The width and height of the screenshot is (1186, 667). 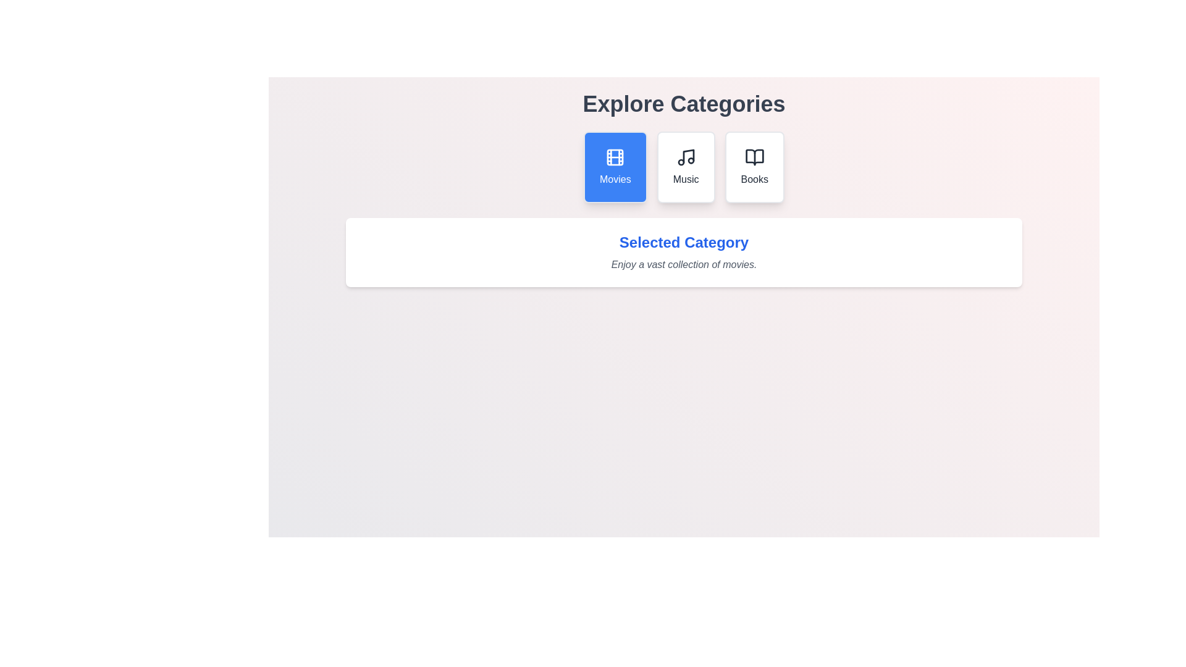 I want to click on the Books button to select it, so click(x=754, y=167).